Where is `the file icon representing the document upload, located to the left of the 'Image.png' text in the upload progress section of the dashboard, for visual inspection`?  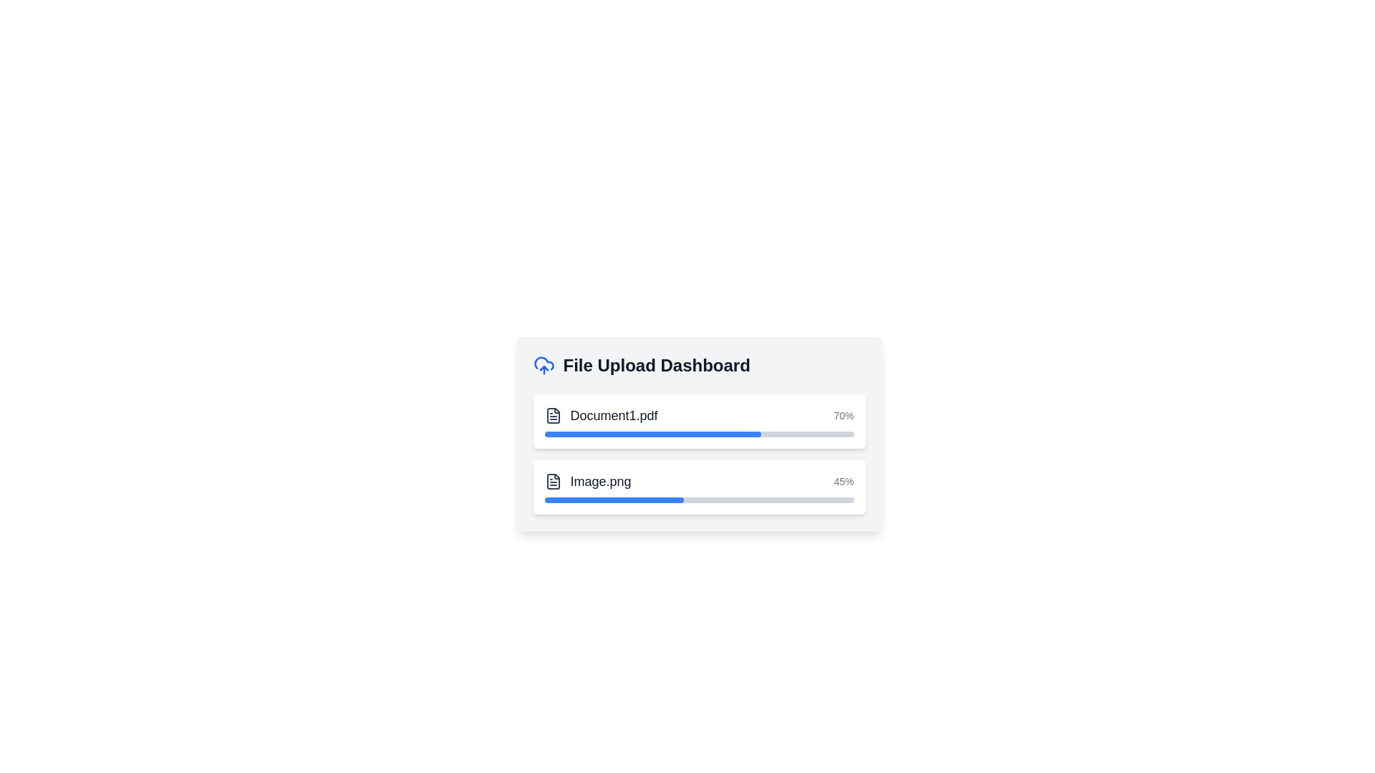
the file icon representing the document upload, located to the left of the 'Image.png' text in the upload progress section of the dashboard, for visual inspection is located at coordinates (552, 481).